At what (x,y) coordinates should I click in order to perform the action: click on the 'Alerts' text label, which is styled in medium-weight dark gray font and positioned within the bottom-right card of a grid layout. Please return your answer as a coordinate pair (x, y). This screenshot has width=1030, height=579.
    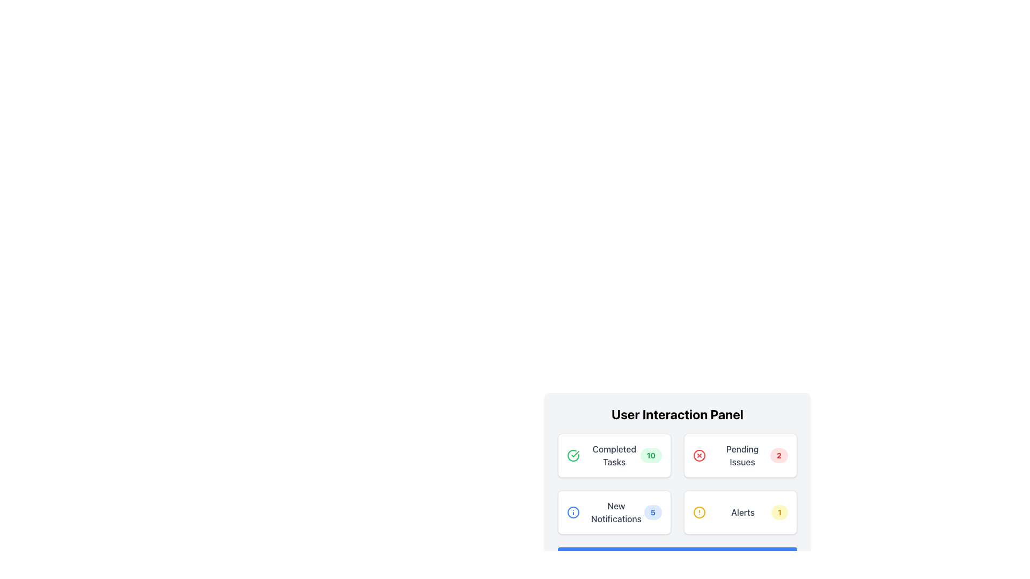
    Looking at the image, I should click on (742, 512).